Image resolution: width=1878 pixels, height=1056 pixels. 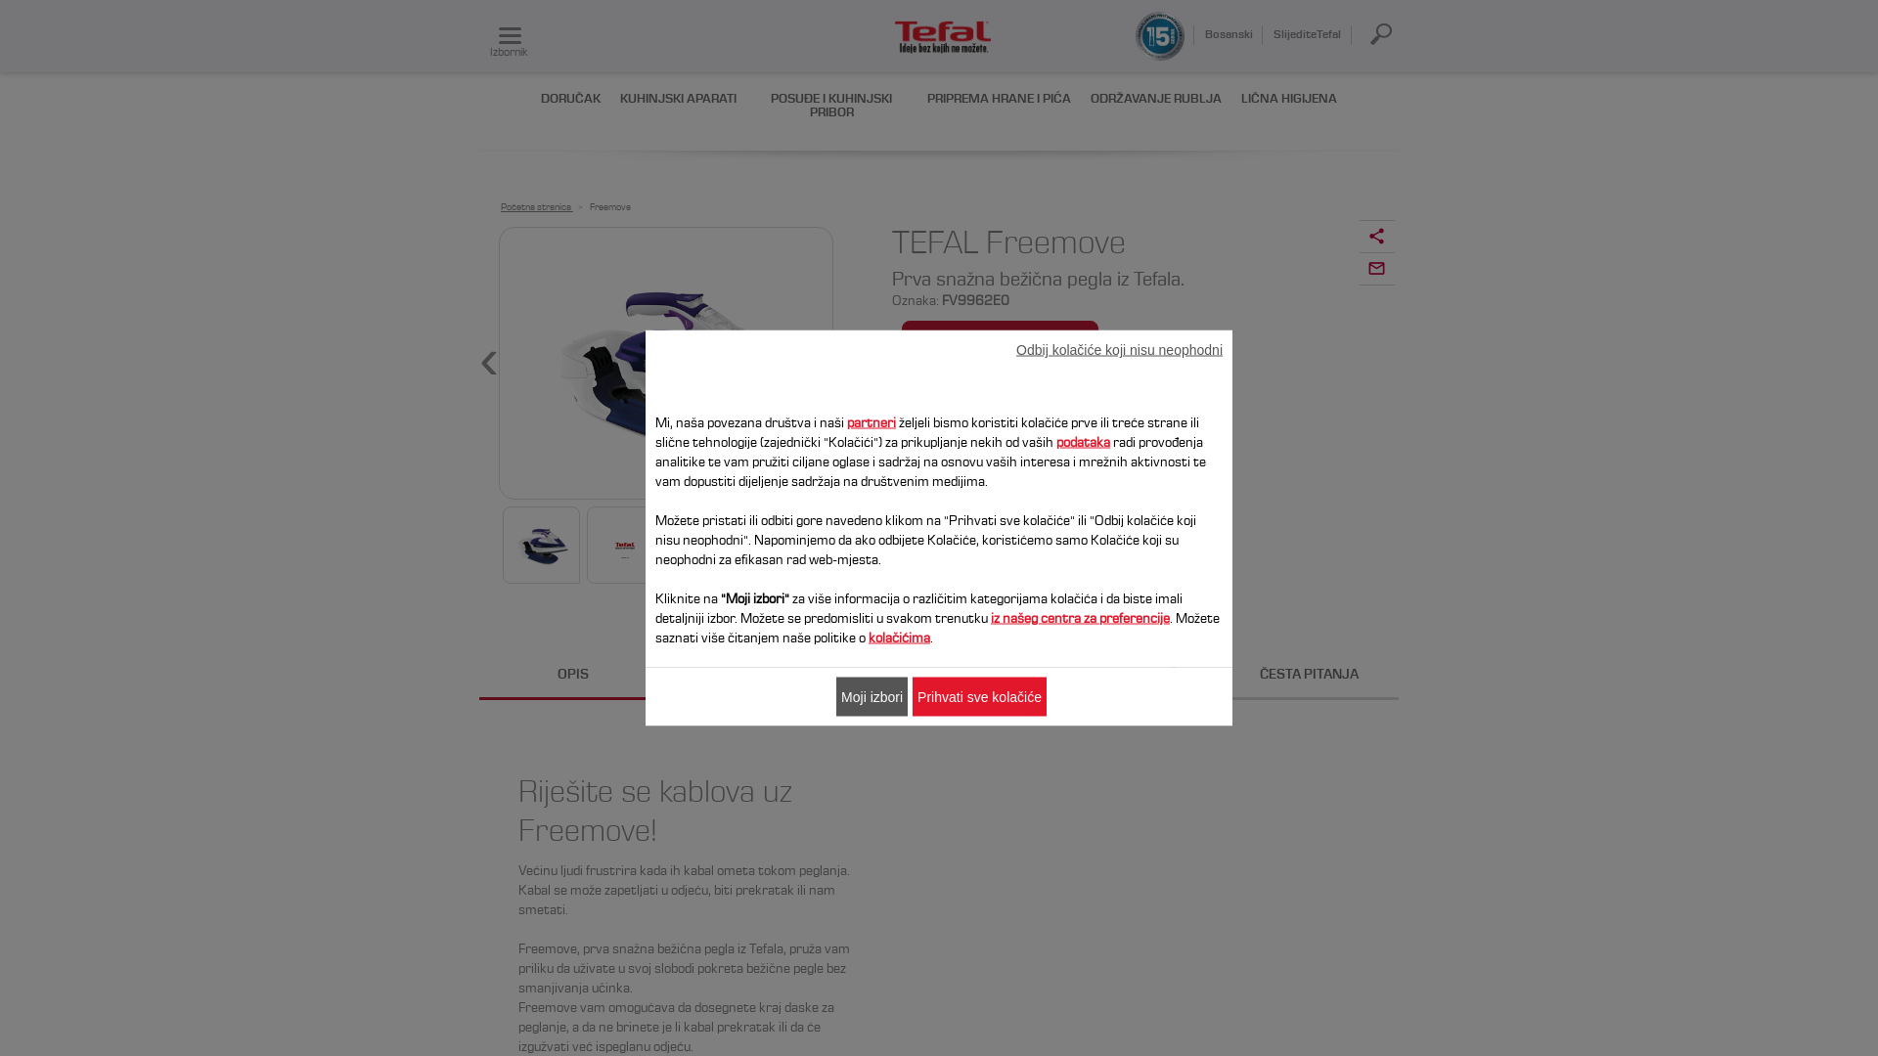 I want to click on 'SlijediteTefal', so click(x=1309, y=33).